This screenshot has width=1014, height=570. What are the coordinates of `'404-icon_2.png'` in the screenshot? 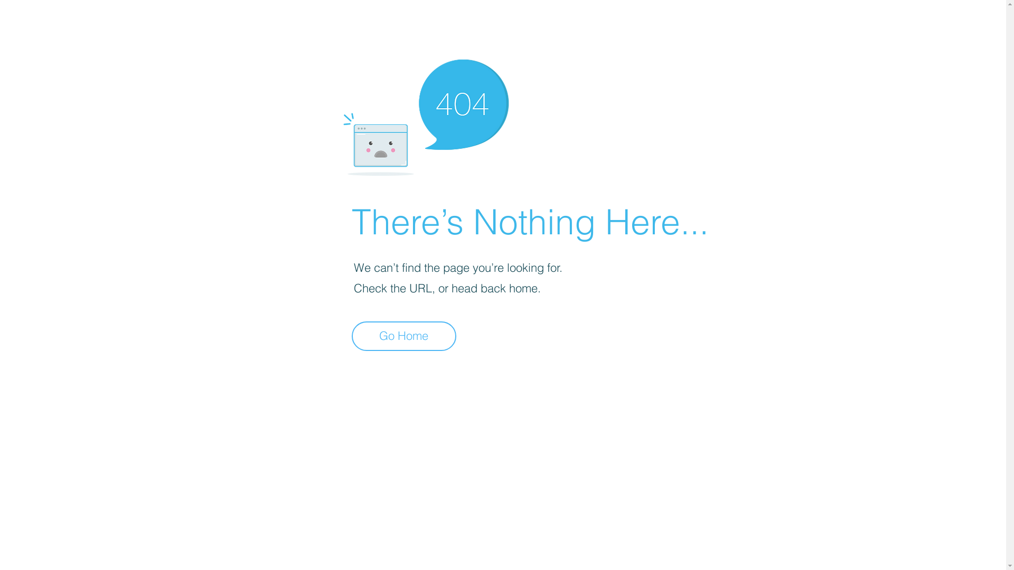 It's located at (425, 115).